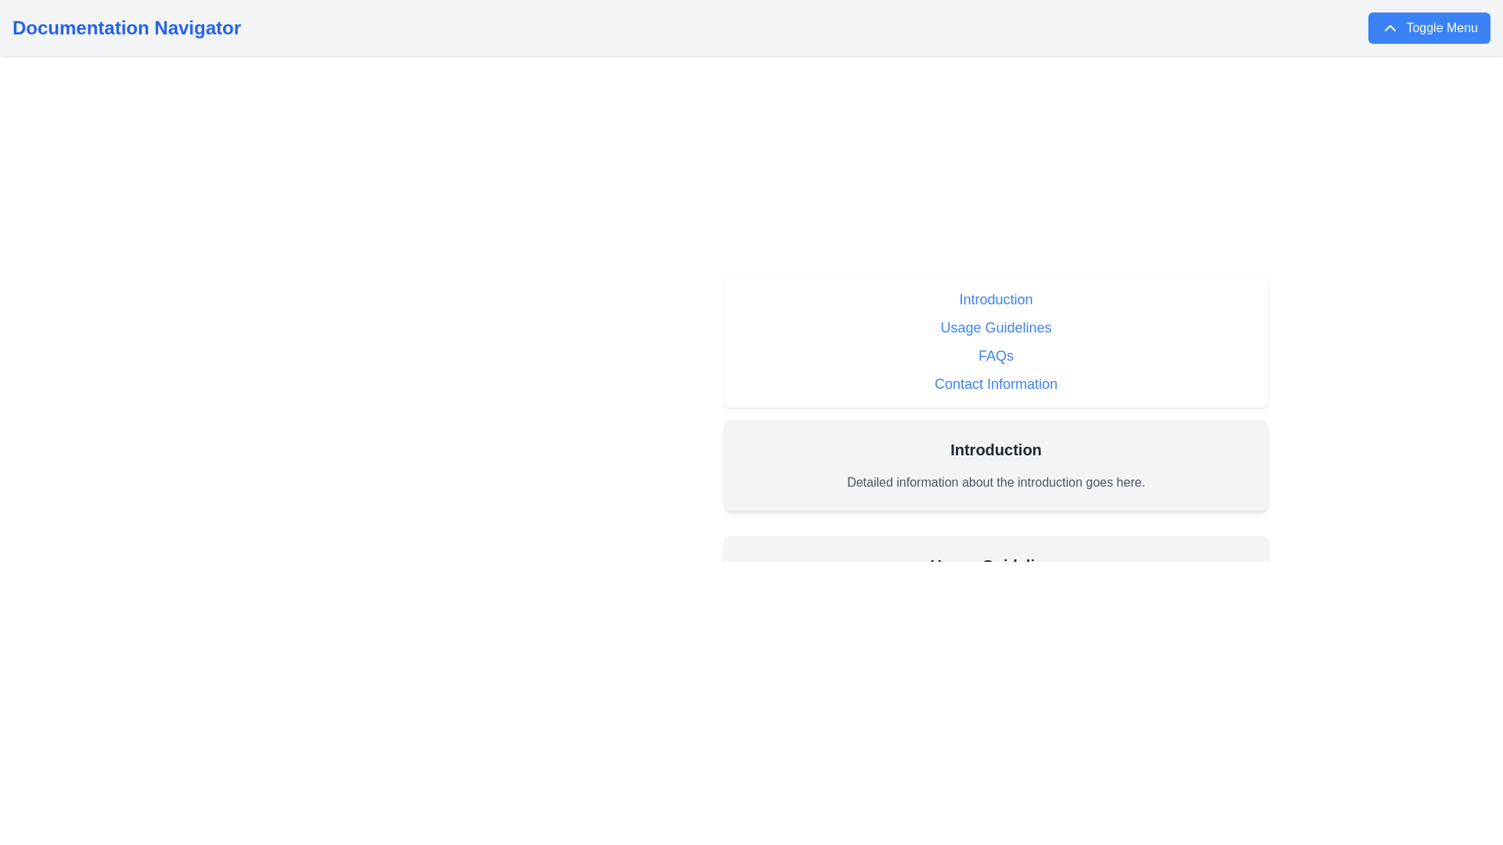 This screenshot has width=1503, height=845. Describe the element at coordinates (1390, 27) in the screenshot. I see `the upward chevron icon within the 'Toggle Menu' button located in the top-right corner of the interface` at that location.